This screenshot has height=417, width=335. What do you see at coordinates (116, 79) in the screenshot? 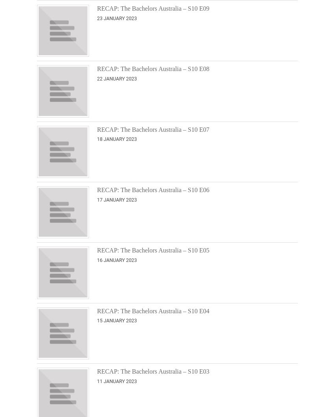
I see `'22 January 2023'` at bounding box center [116, 79].